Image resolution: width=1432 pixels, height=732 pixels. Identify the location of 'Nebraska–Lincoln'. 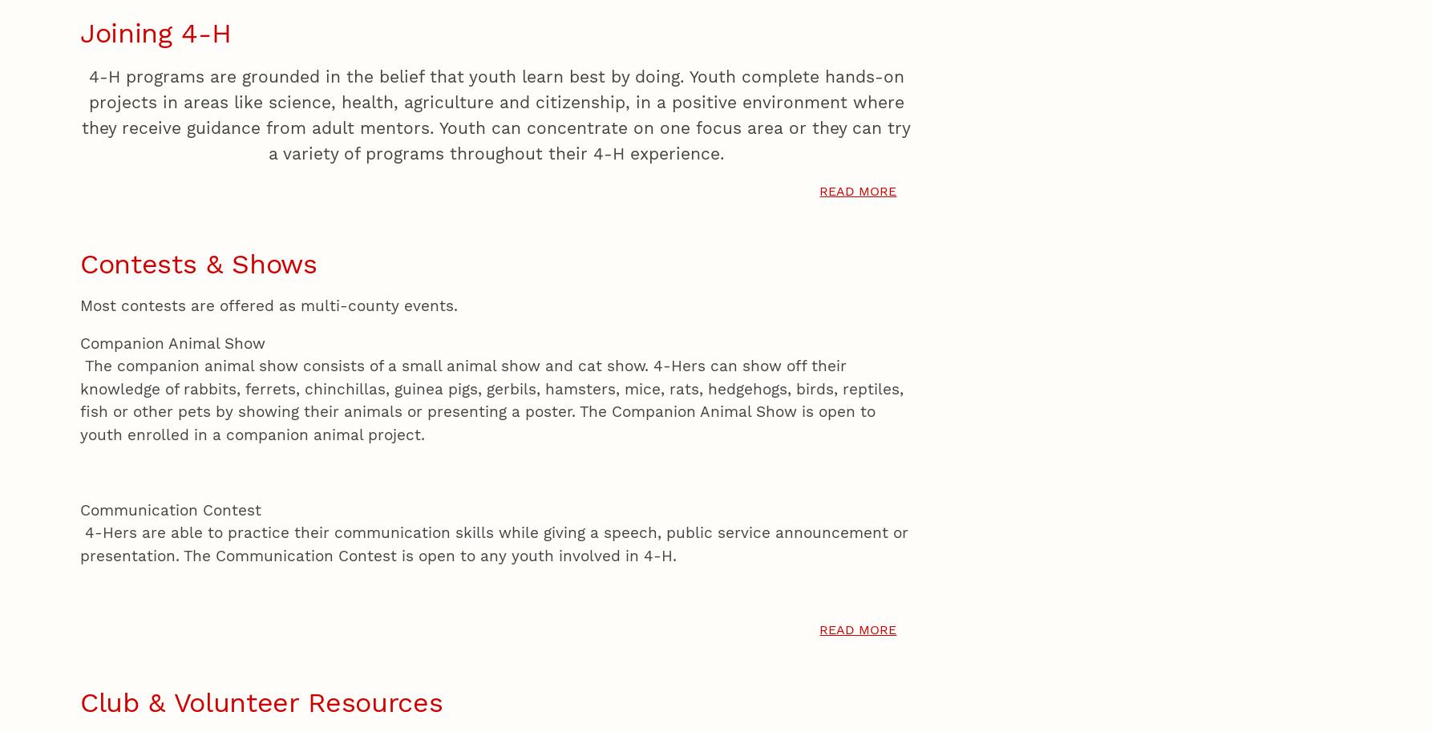
(258, 149).